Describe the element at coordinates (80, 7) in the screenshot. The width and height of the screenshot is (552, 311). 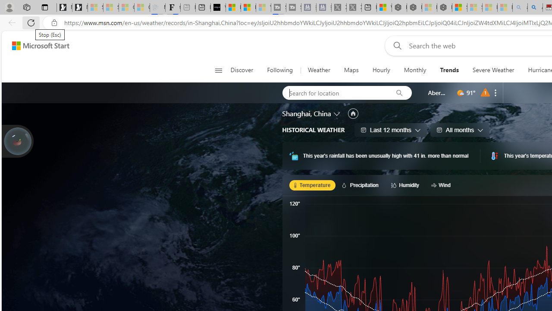
I see `'Newsletter Sign Up'` at that location.